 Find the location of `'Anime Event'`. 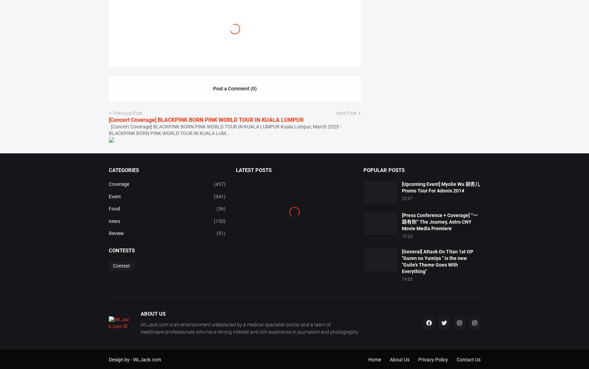

'Anime Event' is located at coordinates (211, 41).